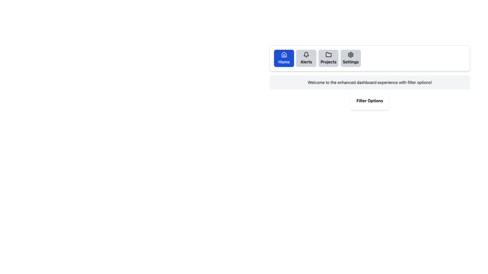  What do you see at coordinates (328, 55) in the screenshot?
I see `the 'Projects' button in the navigation bar` at bounding box center [328, 55].